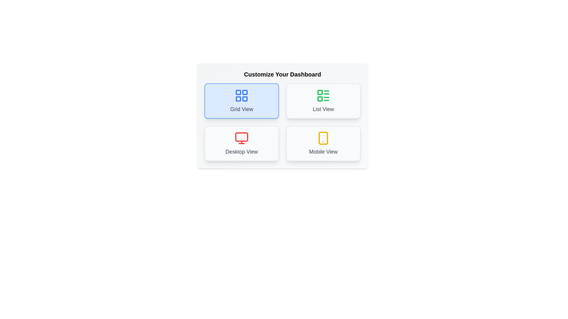  What do you see at coordinates (241, 144) in the screenshot?
I see `the button corresponding to the layout Desktop View` at bounding box center [241, 144].